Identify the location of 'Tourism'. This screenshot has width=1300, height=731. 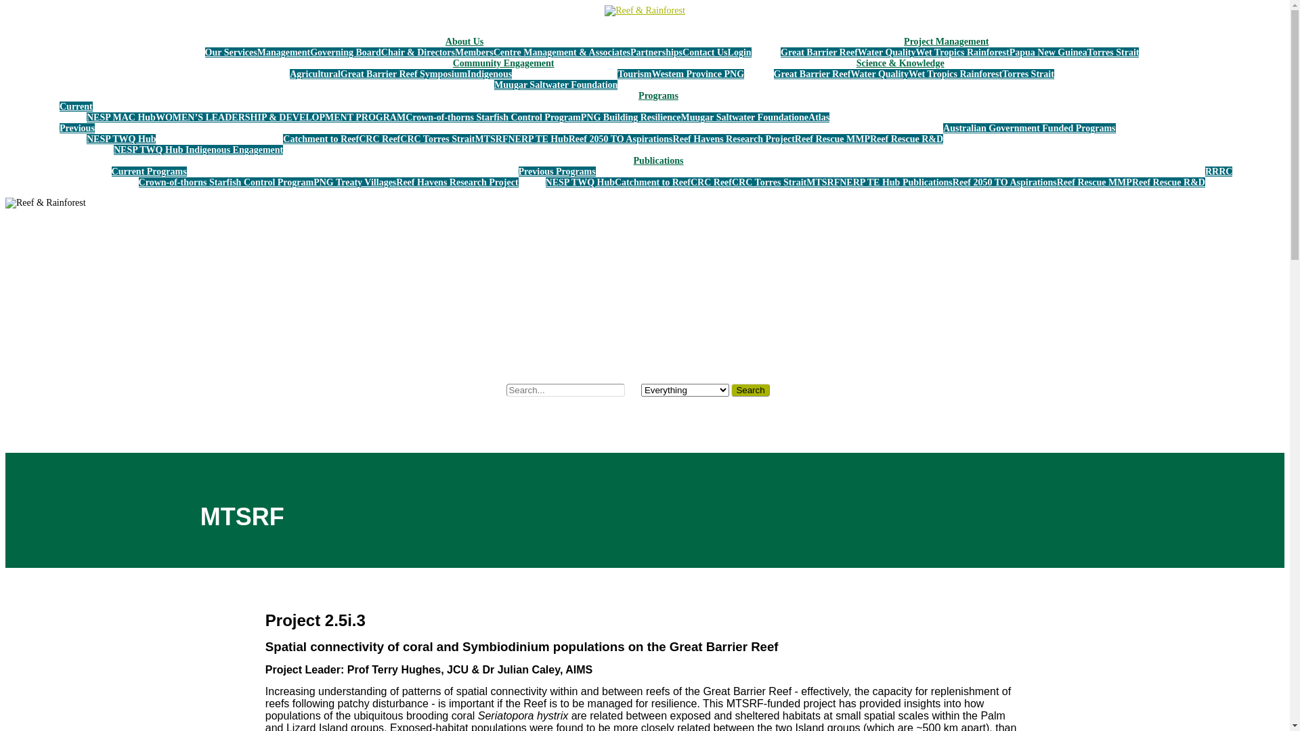
(633, 74).